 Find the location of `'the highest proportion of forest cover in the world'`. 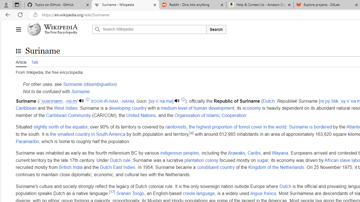

'the highest proportion of forest cover in the world' is located at coordinates (237, 127).